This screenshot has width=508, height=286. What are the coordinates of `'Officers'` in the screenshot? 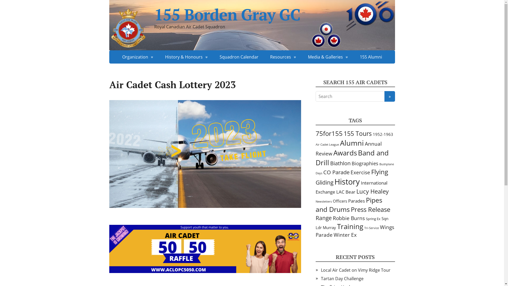 It's located at (340, 201).